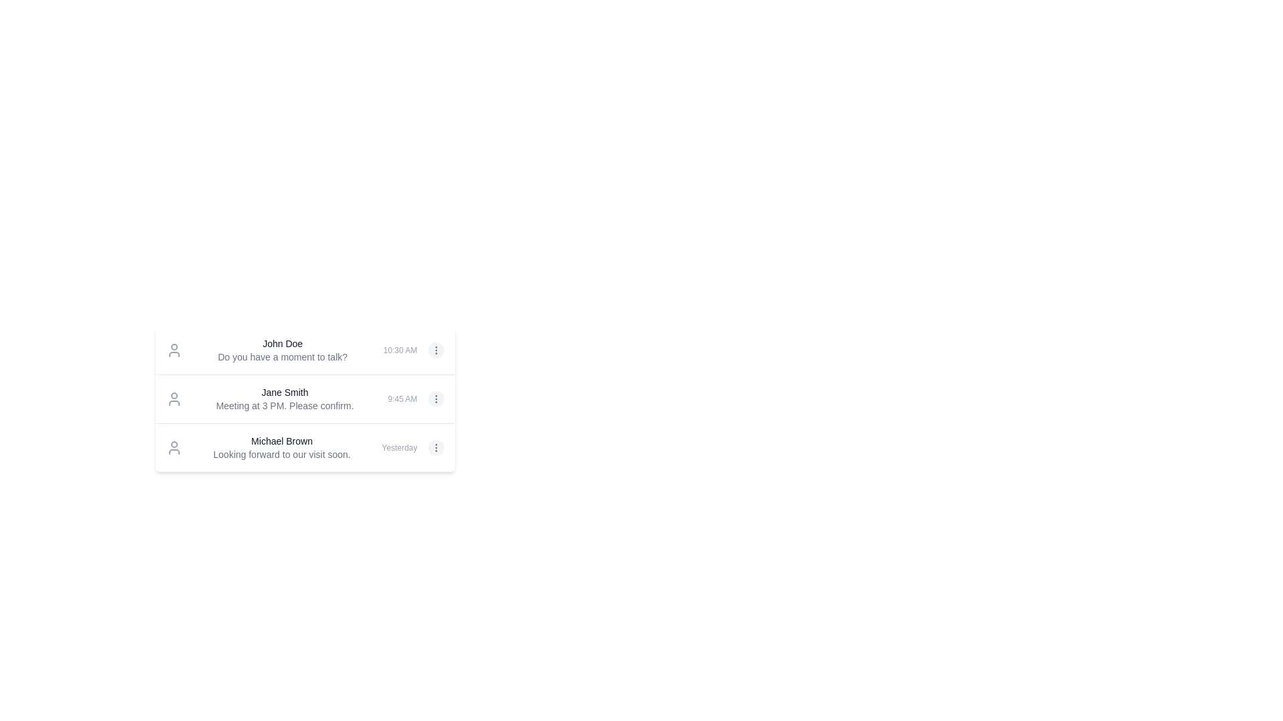 Image resolution: width=1283 pixels, height=721 pixels. I want to click on the text label displaying 'Jane Smith' in a chat interface, which is positioned above the message content, so click(284, 391).